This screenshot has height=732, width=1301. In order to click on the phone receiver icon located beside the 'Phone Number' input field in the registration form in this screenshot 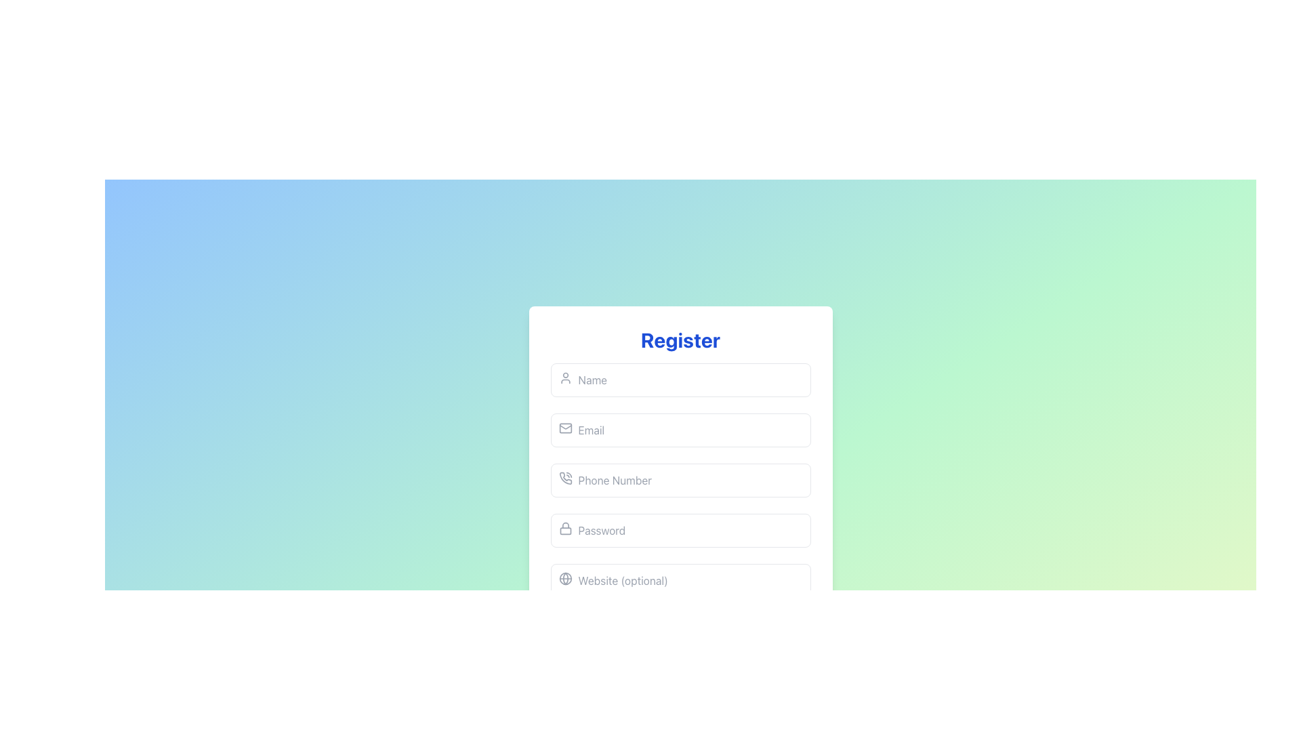, I will do `click(565, 477)`.